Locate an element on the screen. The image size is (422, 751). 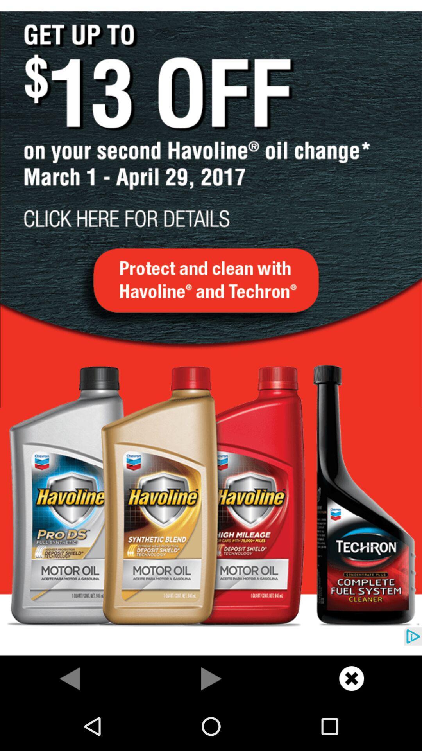
go back is located at coordinates (70, 678).